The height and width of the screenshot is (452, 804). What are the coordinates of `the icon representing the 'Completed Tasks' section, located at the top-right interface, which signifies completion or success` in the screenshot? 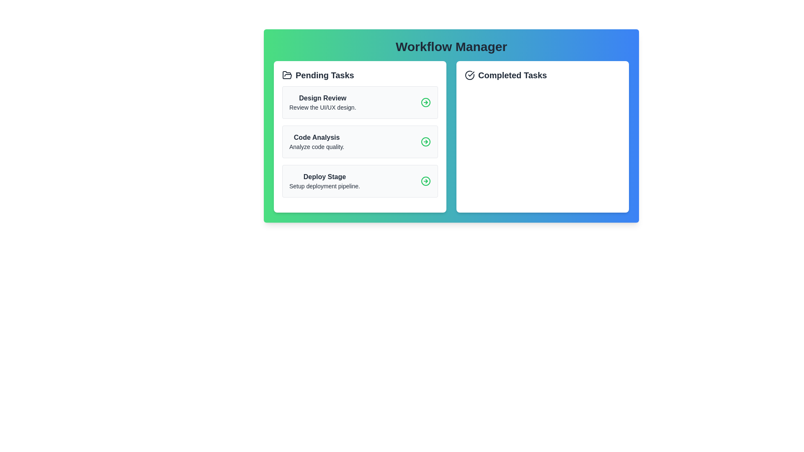 It's located at (470, 75).